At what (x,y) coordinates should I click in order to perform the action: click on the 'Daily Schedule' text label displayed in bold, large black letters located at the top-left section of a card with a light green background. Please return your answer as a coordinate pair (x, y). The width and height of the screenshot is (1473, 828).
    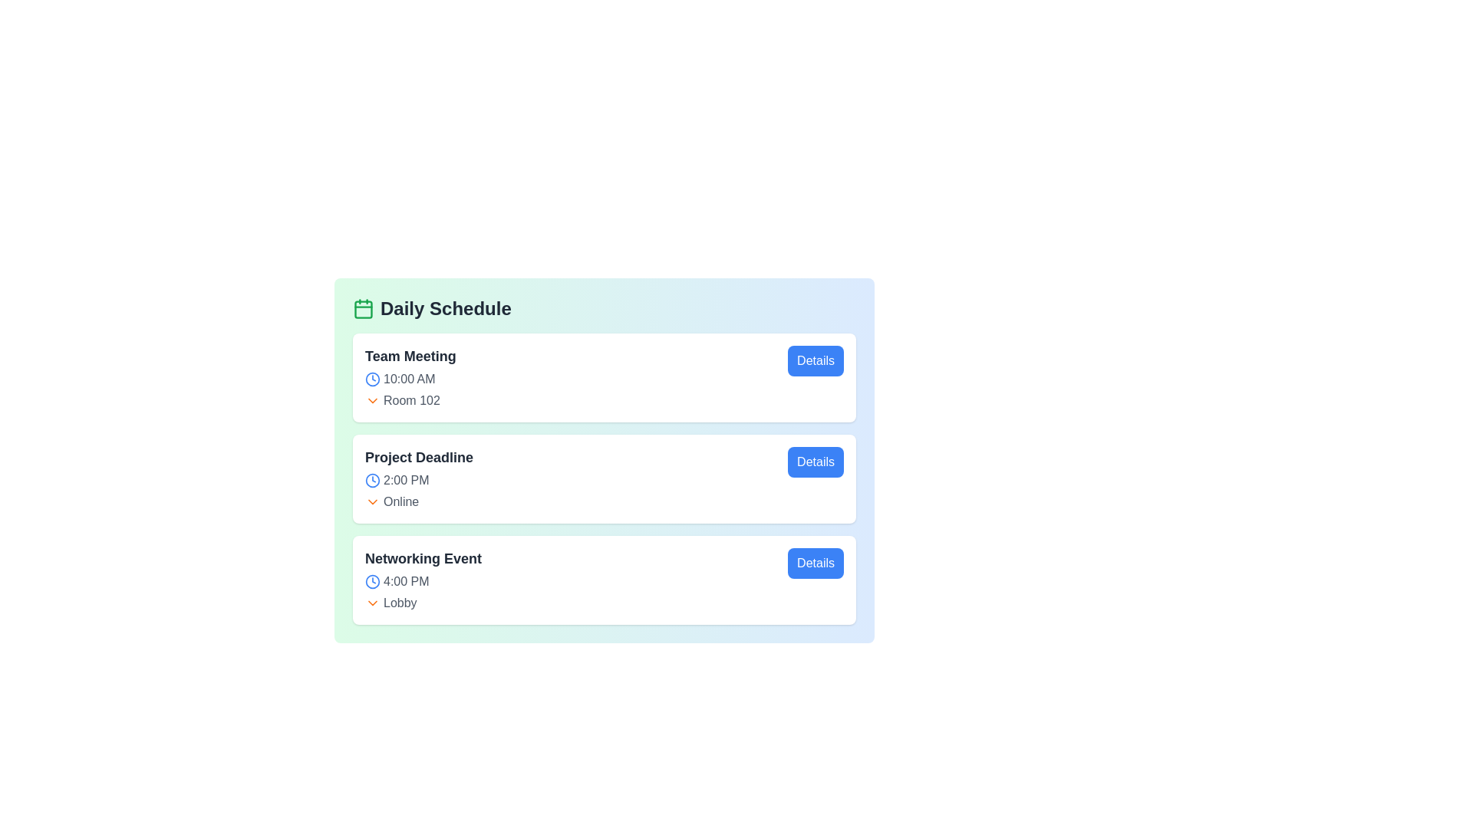
    Looking at the image, I should click on (445, 308).